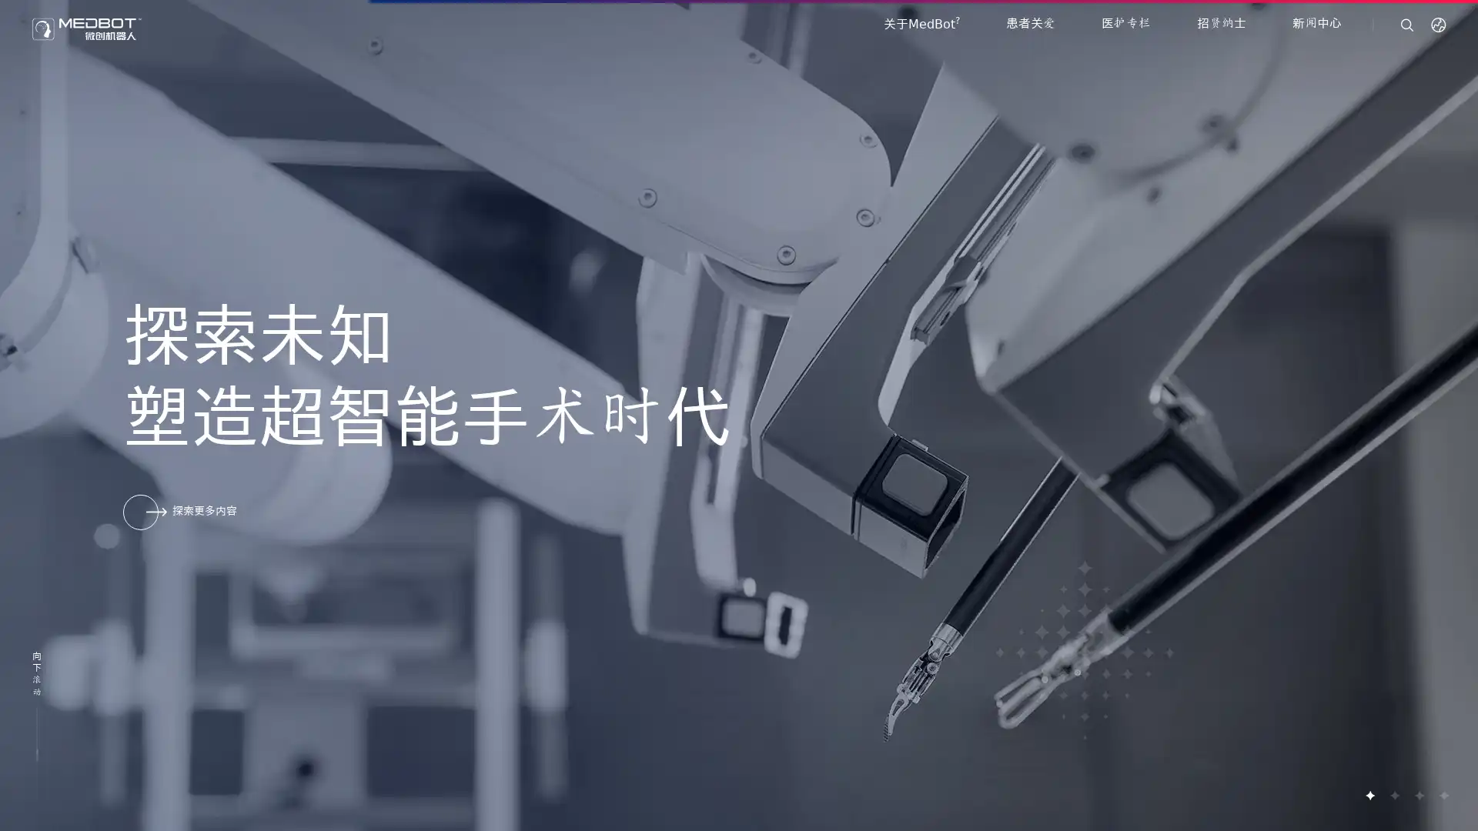 This screenshot has width=1478, height=831. I want to click on Go to slide 1, so click(1369, 795).